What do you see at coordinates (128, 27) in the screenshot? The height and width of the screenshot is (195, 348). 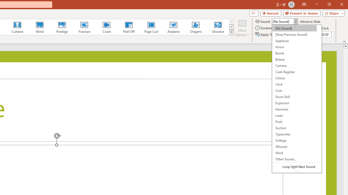 I see `'Peel Off'` at bounding box center [128, 27].